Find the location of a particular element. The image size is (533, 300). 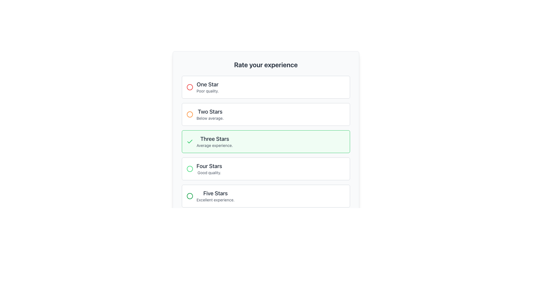

the visual feedback of the Circular visual element indicating the 'Four Stars' option in the rating system, which is located within the checkbox area to the left of its text description is located at coordinates (190, 169).